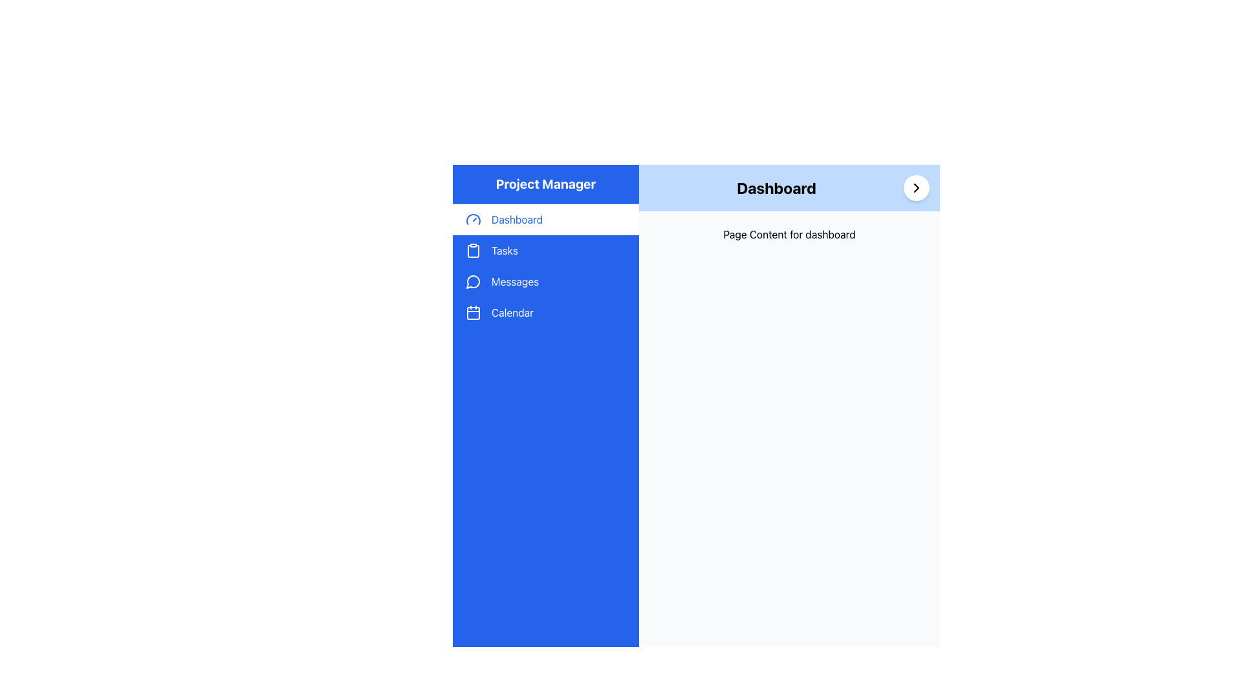 The image size is (1242, 698). I want to click on the 'Messages' menu item in the left sidebar navigation, so click(514, 280).